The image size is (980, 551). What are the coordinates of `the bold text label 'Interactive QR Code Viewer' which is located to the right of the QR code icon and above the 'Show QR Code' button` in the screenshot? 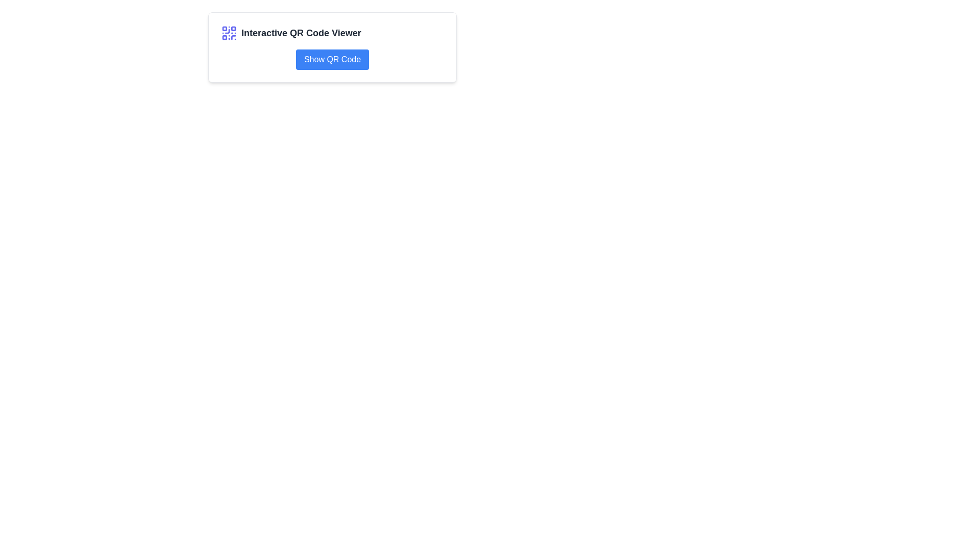 It's located at (301, 33).